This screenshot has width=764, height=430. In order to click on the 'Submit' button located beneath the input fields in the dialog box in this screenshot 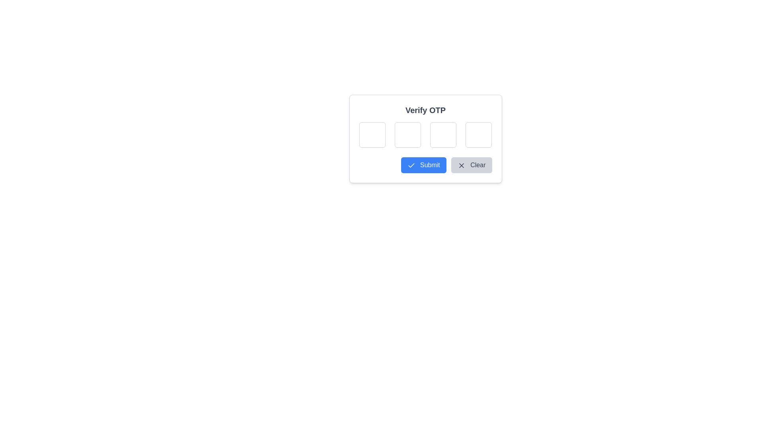, I will do `click(423, 165)`.